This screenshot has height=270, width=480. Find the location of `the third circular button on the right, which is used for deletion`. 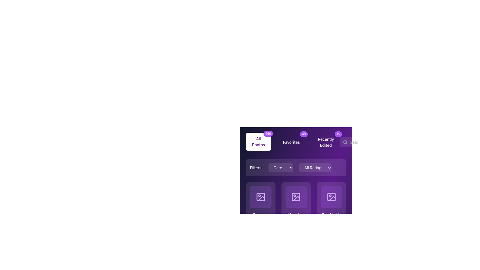

the third circular button on the right, which is used for deletion is located at coordinates (273, 210).